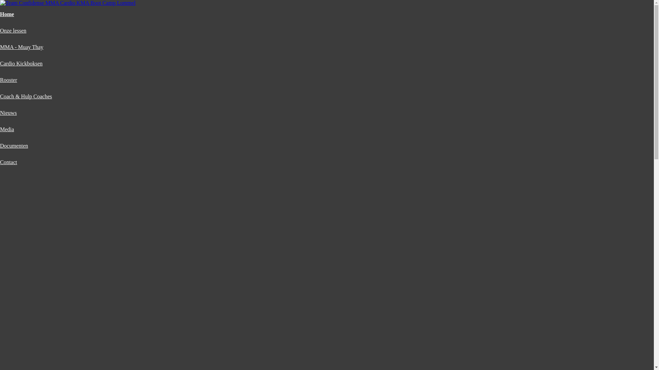 This screenshot has width=659, height=370. I want to click on 'Rooster', so click(8, 79).